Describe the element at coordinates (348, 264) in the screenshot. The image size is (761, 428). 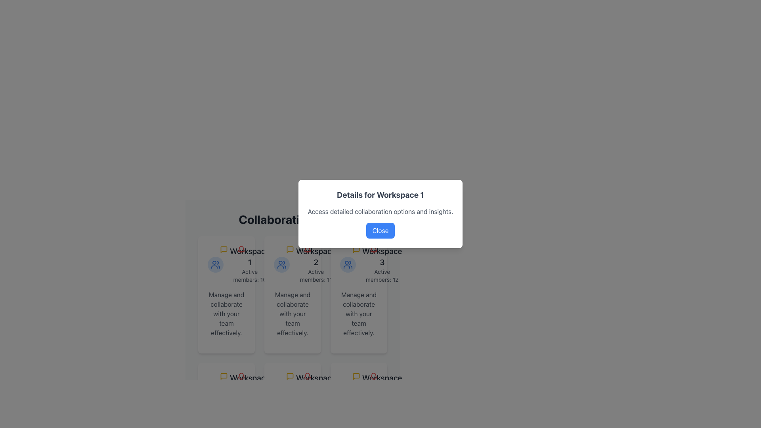
I see `the icon with a circular button background representing members of the workspace, located in the 'Workspace 3' card, to the left of the text 'Active members: 12'` at that location.